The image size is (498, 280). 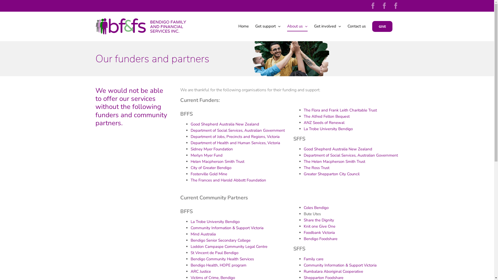 I want to click on 'Rumbalara Aboriginal Cooperative', so click(x=333, y=271).